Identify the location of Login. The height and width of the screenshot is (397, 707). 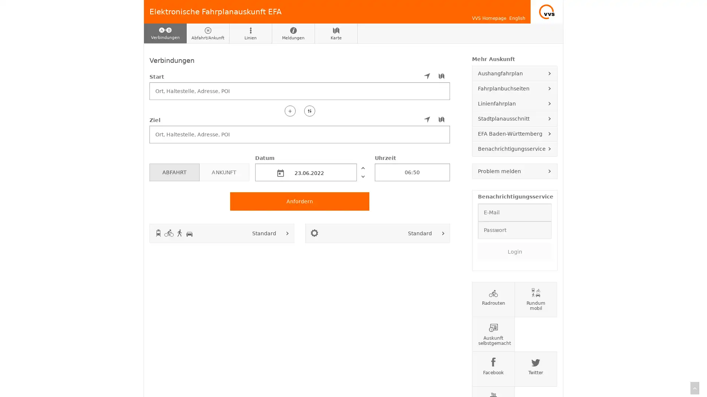
(514, 251).